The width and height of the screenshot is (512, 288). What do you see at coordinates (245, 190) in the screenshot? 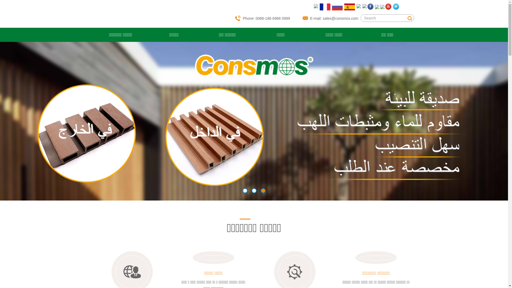
I see `'1'` at bounding box center [245, 190].